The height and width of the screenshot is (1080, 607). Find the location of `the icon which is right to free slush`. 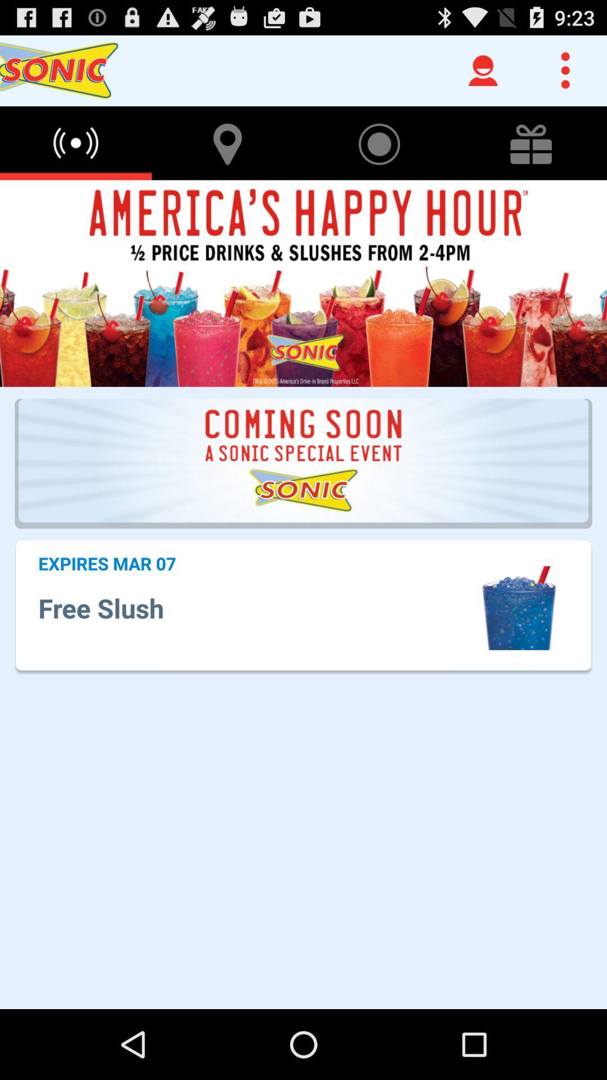

the icon which is right to free slush is located at coordinates (519, 607).